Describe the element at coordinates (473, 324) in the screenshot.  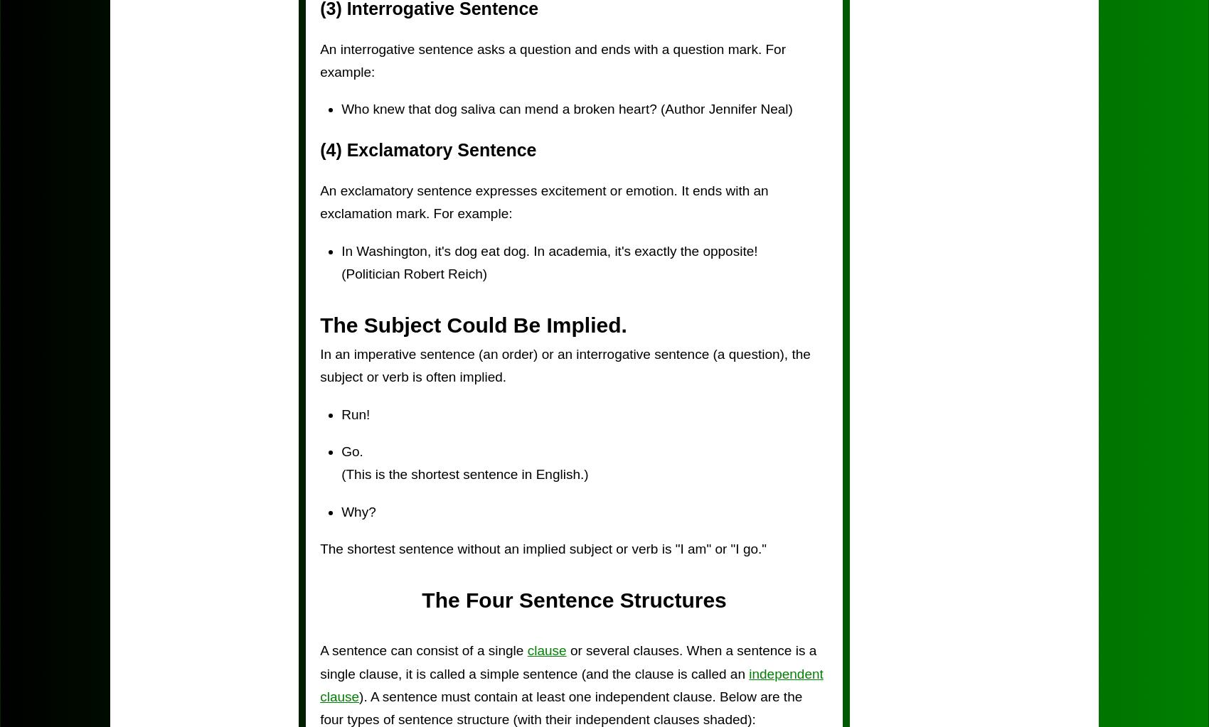
I see `'The Subject Could Be Implied.'` at that location.